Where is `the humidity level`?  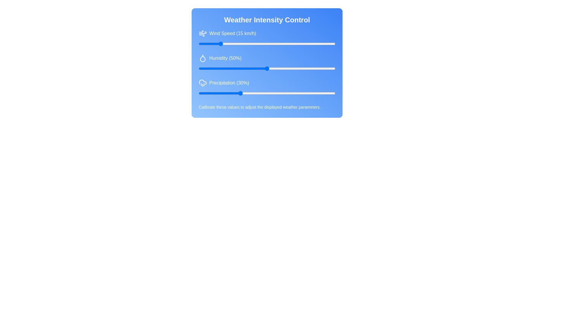 the humidity level is located at coordinates (334, 68).